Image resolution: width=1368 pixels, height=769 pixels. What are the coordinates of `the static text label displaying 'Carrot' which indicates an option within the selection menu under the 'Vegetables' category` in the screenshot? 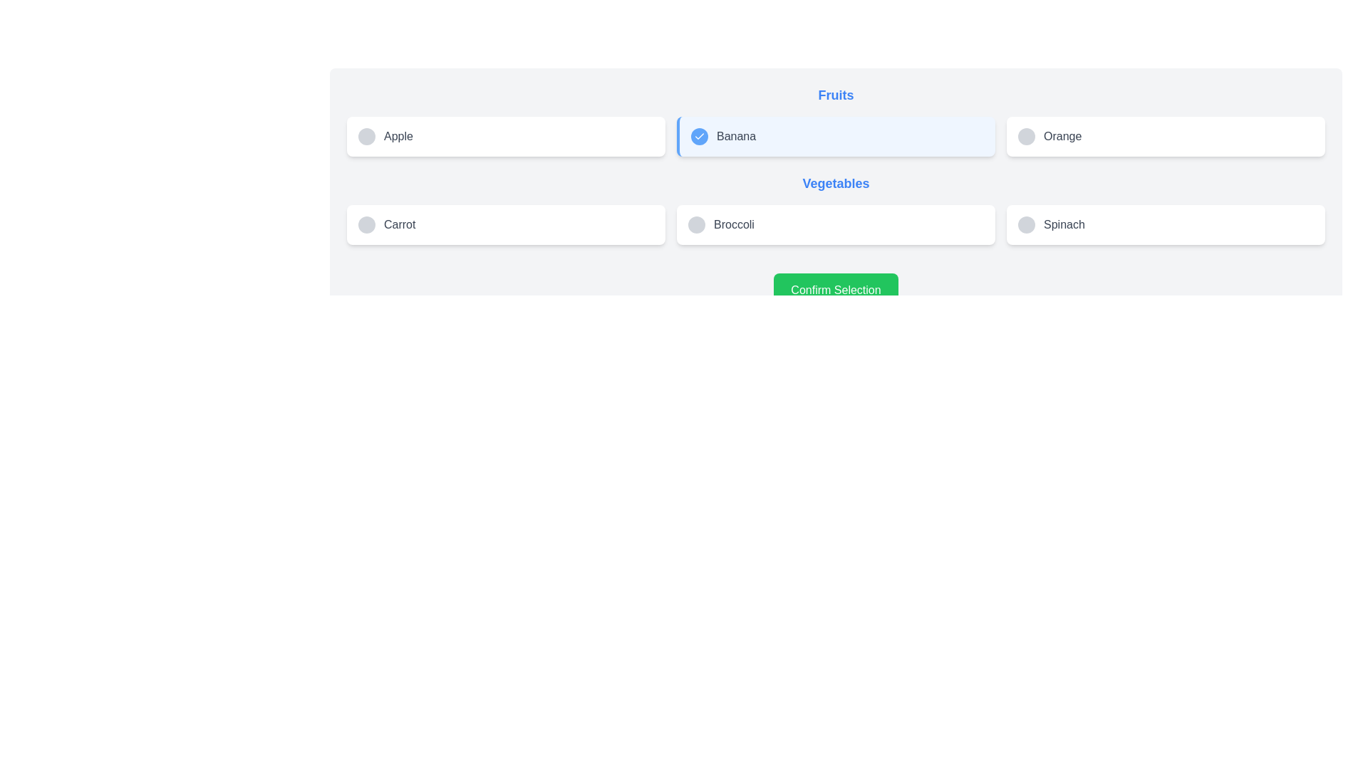 It's located at (399, 224).